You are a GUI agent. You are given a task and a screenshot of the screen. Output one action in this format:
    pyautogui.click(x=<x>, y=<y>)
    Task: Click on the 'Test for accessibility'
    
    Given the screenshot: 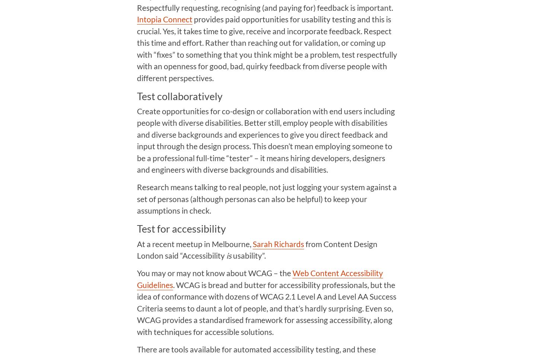 What is the action you would take?
    pyautogui.click(x=181, y=228)
    